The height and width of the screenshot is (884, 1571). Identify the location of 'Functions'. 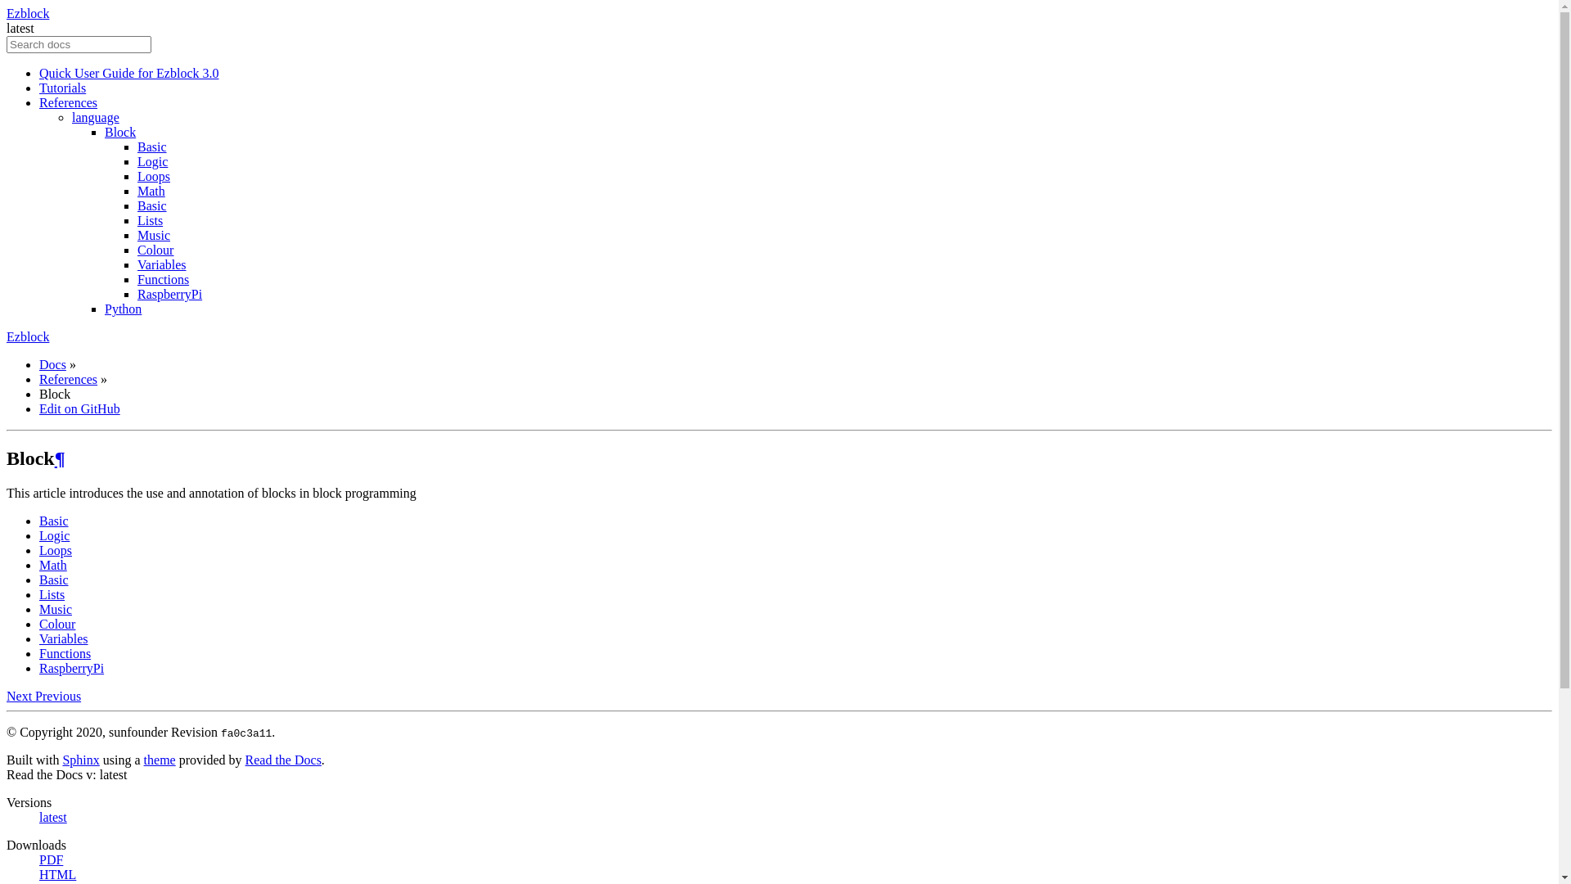
(65, 652).